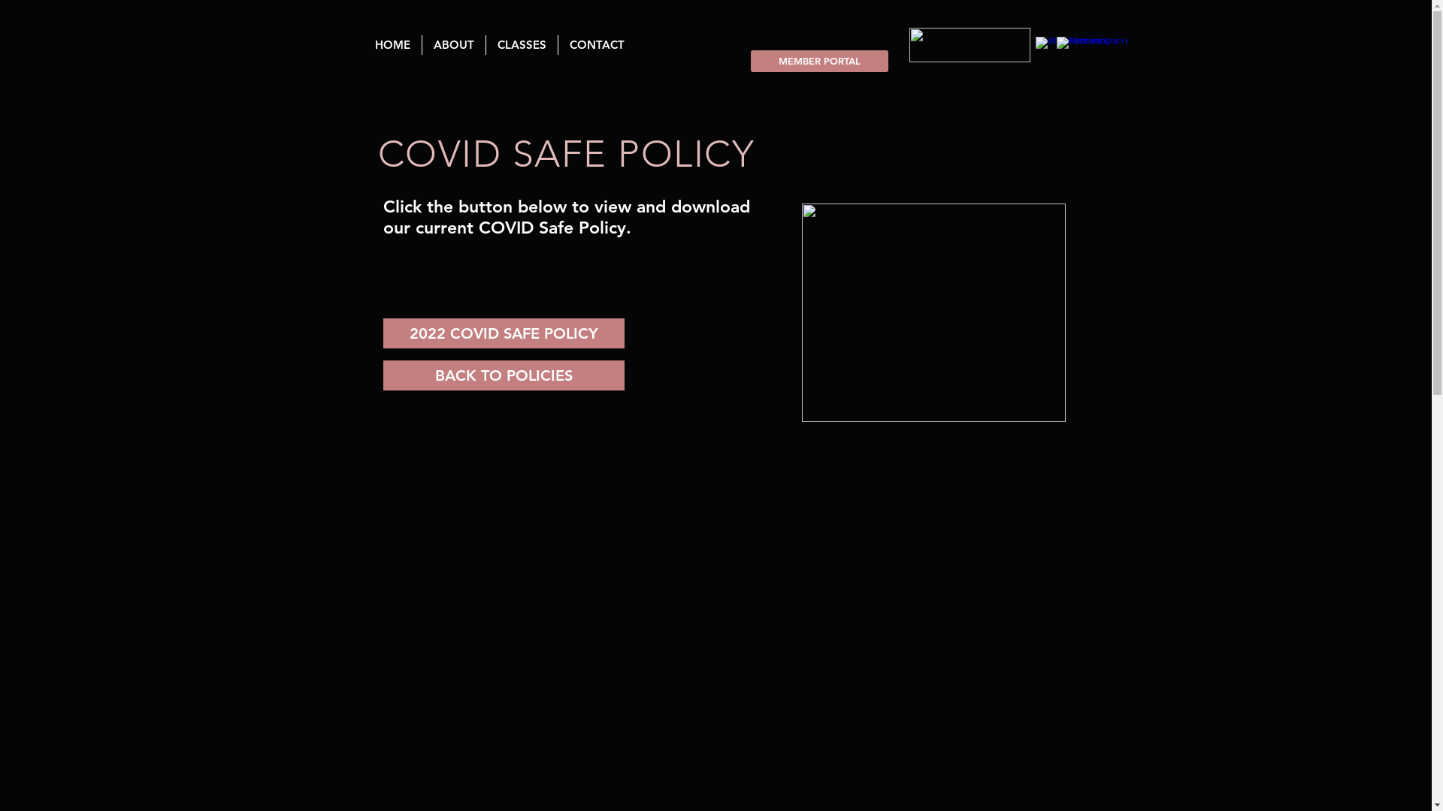 The height and width of the screenshot is (811, 1443). Describe the element at coordinates (453, 44) in the screenshot. I see `'ABOUT'` at that location.